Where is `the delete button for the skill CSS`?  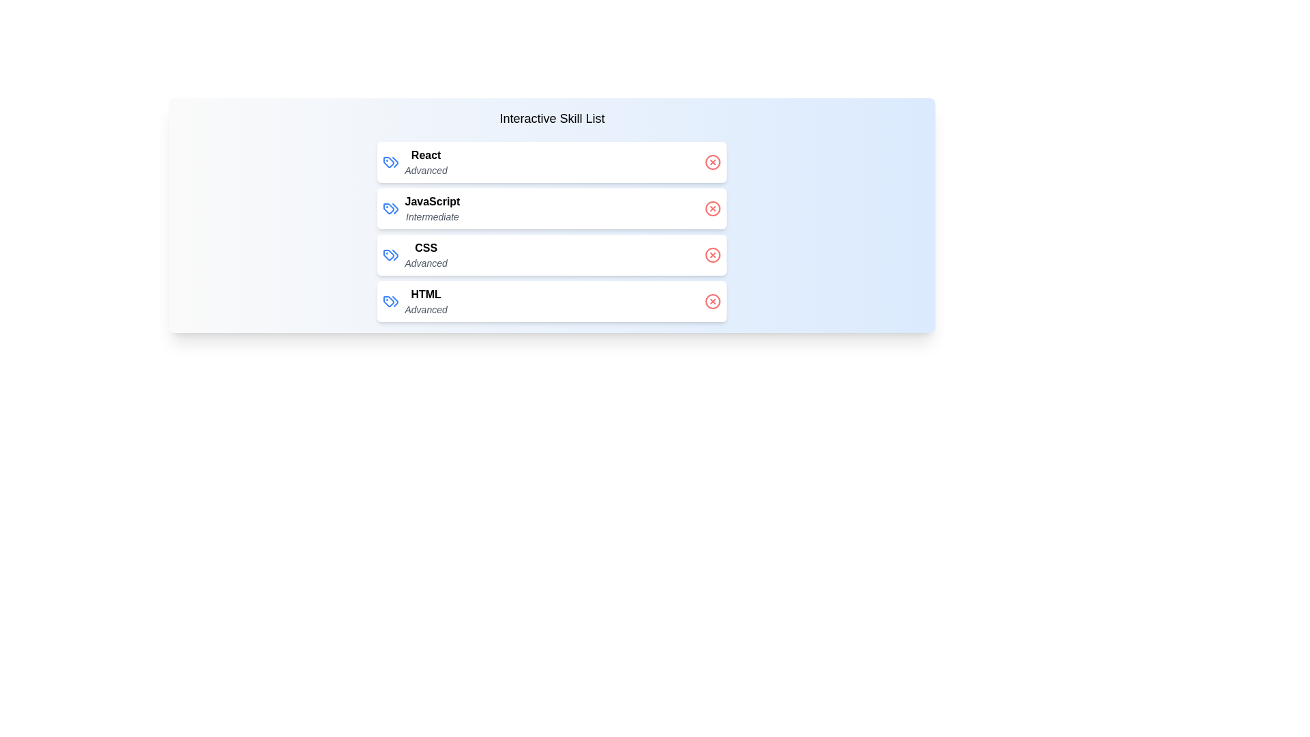
the delete button for the skill CSS is located at coordinates (712, 255).